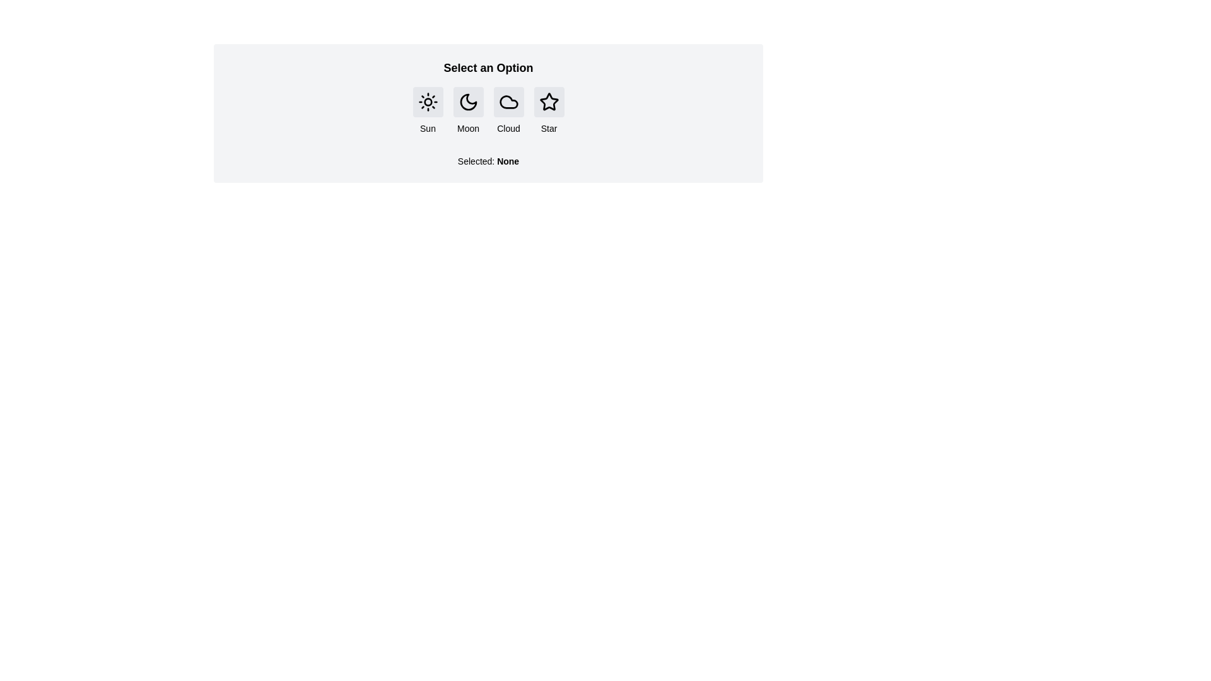 The height and width of the screenshot is (681, 1211). What do you see at coordinates (428, 102) in the screenshot?
I see `the 'Sun' theme option button, which is the first icon in the horizontal row of icons at the center of the interface` at bounding box center [428, 102].